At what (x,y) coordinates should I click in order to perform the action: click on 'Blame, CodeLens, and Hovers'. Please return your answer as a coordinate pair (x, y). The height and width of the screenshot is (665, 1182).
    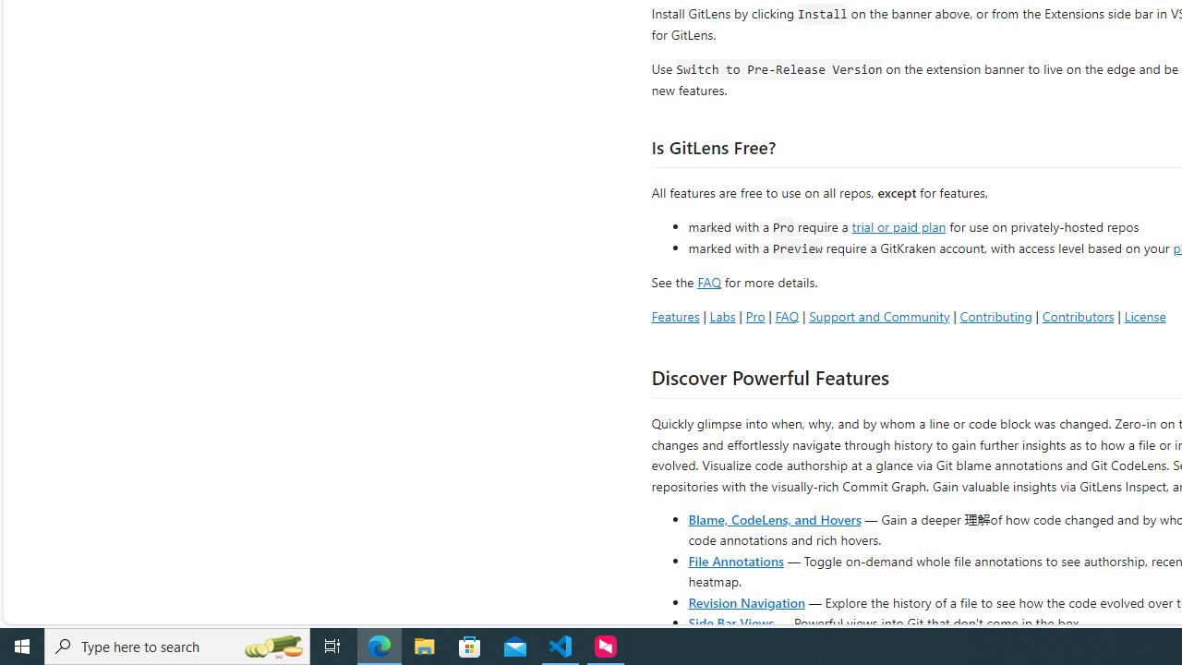
    Looking at the image, I should click on (775, 518).